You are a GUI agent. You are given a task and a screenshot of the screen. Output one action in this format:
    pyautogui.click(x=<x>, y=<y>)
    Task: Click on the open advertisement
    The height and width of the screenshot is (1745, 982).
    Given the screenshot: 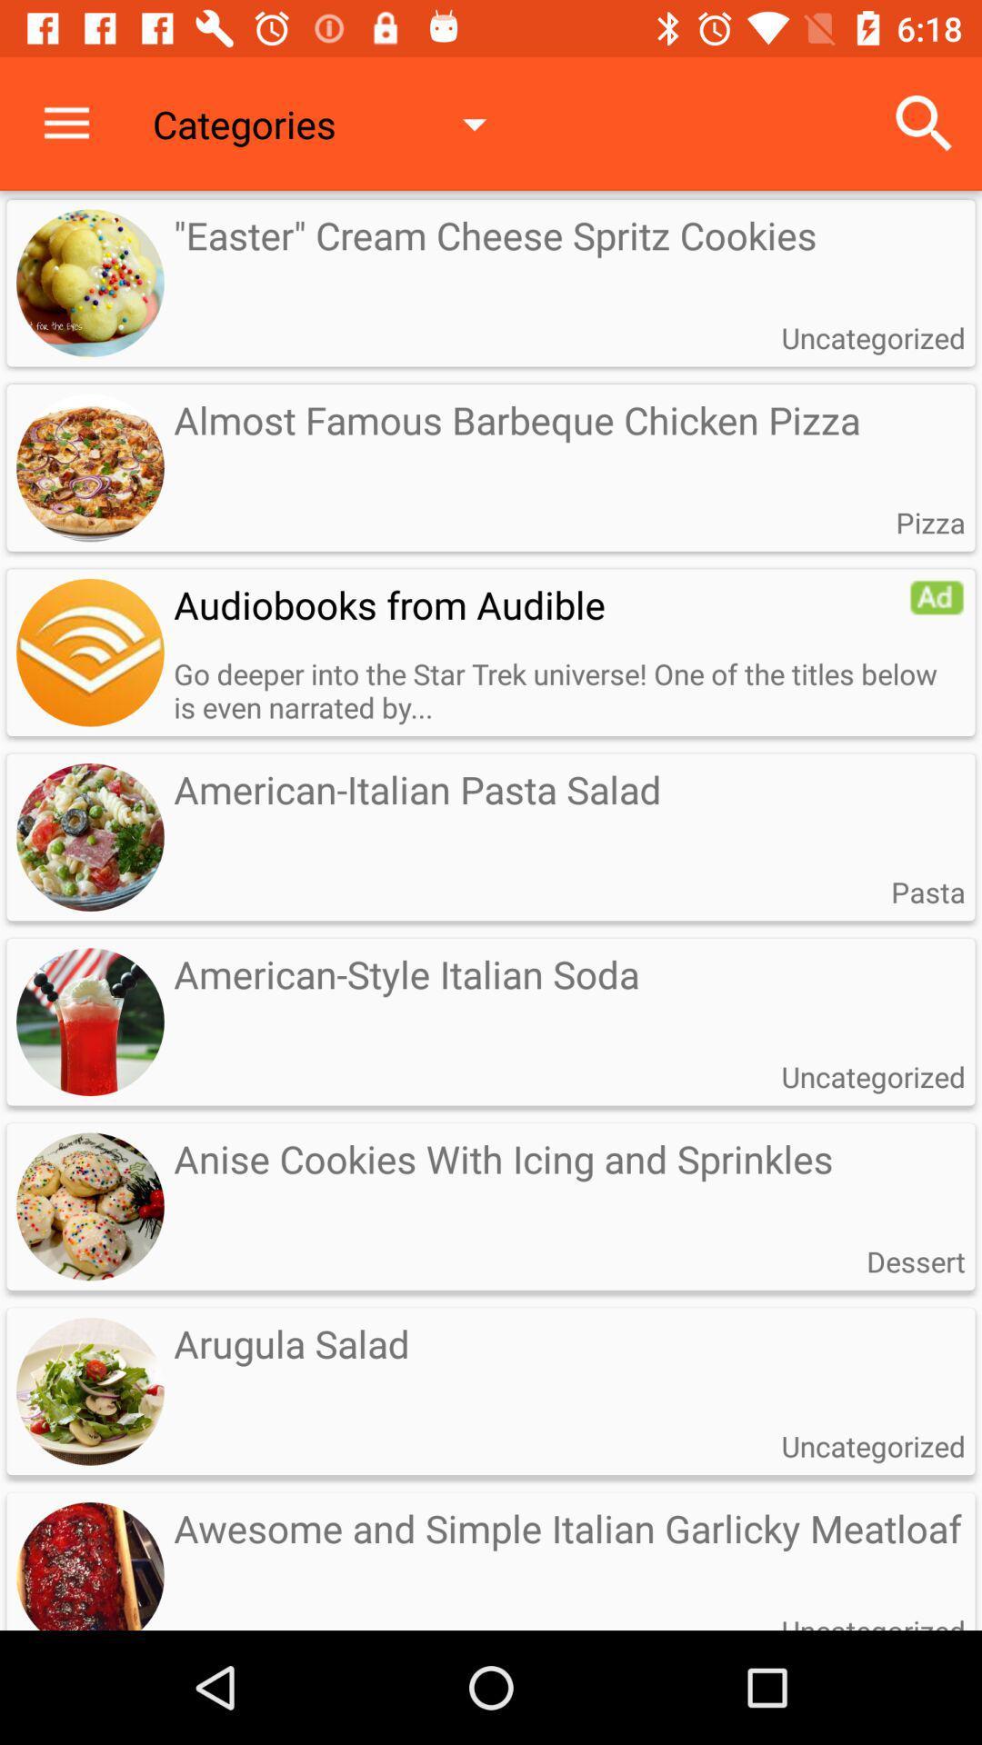 What is the action you would take?
    pyautogui.click(x=937, y=597)
    